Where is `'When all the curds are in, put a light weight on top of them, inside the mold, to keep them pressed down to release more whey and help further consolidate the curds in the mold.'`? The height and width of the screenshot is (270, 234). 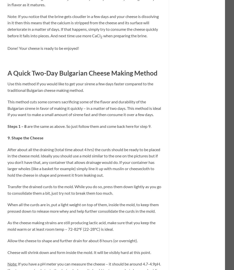 'When all the curds are in, put a light weight on top of them, inside the mold, to keep them pressed down to release more whey and help further consolidate the curds in the mold.' is located at coordinates (83, 208).